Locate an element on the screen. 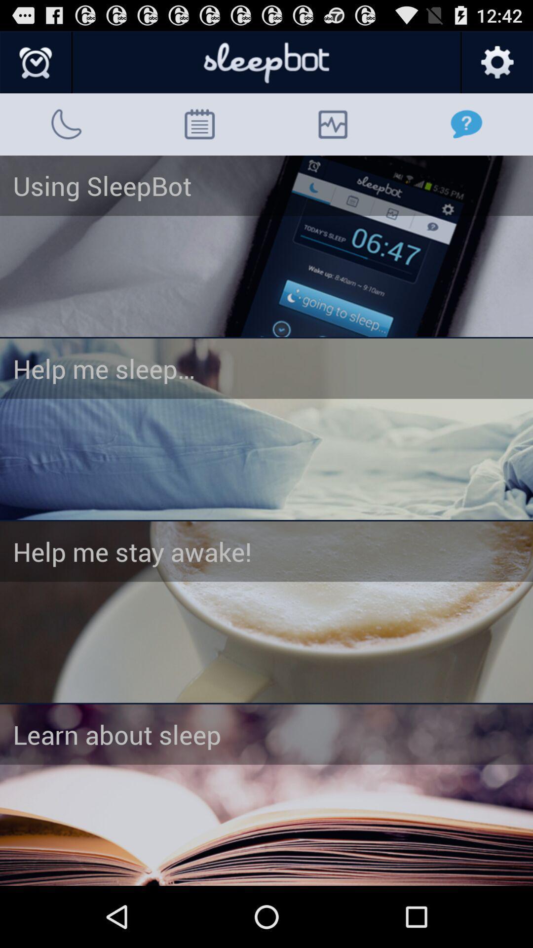 The width and height of the screenshot is (533, 948). settings option is located at coordinates (496, 62).